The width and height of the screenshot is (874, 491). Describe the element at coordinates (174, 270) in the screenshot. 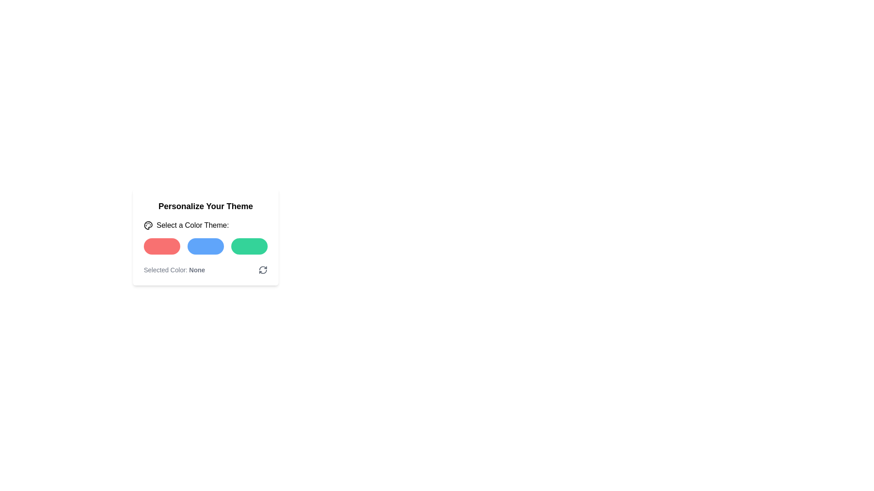

I see `the text label that indicates the currently selected color, which displays 'None' and is located below the color theme buttons and to the left of a refresh icon` at that location.